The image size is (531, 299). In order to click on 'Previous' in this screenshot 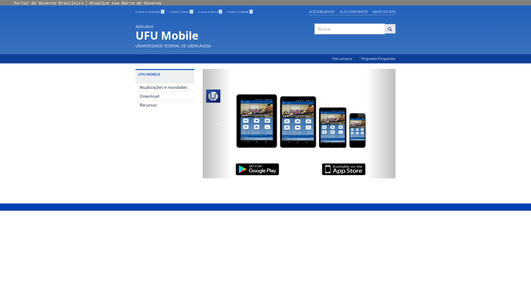, I will do `click(217, 123)`.